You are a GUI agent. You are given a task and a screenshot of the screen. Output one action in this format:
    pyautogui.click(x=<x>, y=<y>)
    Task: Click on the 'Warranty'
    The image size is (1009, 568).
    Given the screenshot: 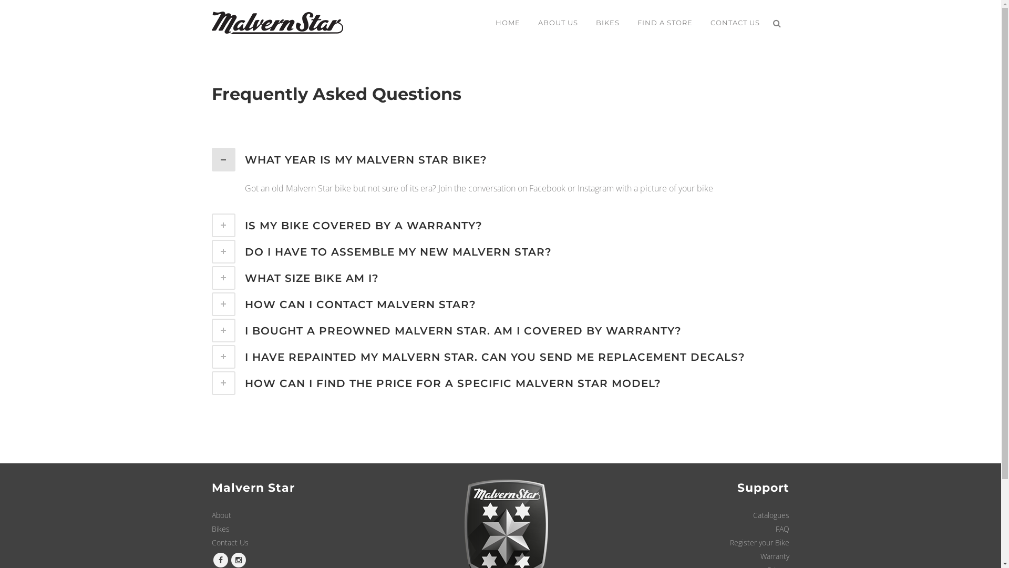 What is the action you would take?
    pyautogui.click(x=760, y=555)
    